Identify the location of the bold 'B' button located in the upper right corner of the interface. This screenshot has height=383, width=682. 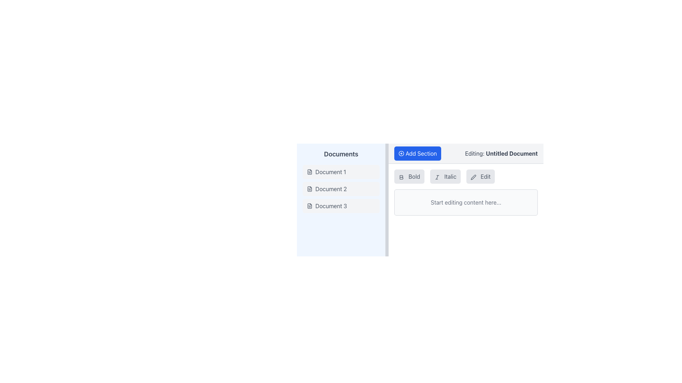
(401, 176).